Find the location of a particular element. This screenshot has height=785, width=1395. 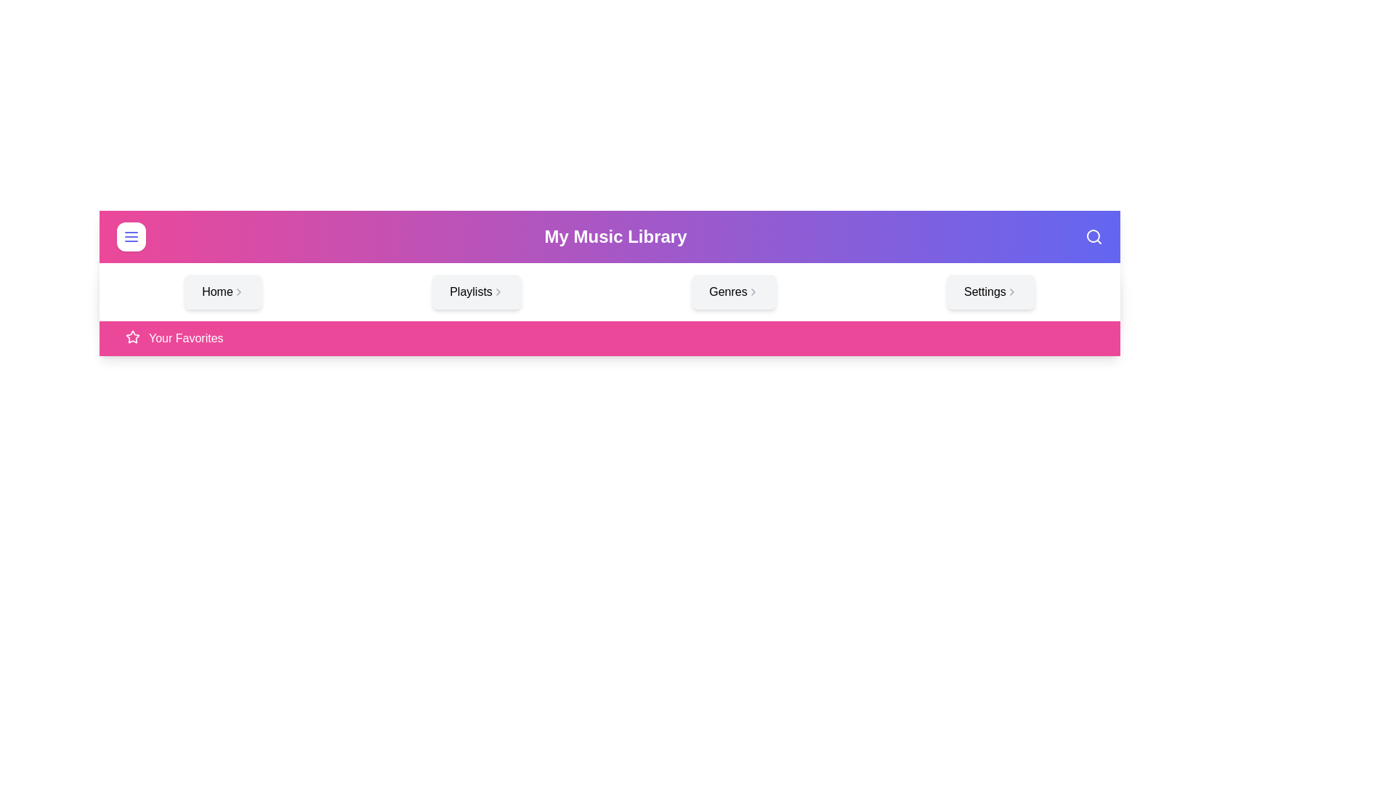

the menu toggle button to toggle the visibility of the menu is located at coordinates (132, 236).